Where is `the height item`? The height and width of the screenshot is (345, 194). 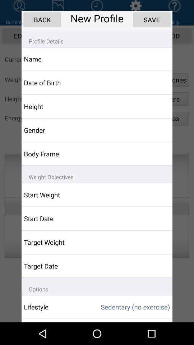 the height item is located at coordinates (56, 106).